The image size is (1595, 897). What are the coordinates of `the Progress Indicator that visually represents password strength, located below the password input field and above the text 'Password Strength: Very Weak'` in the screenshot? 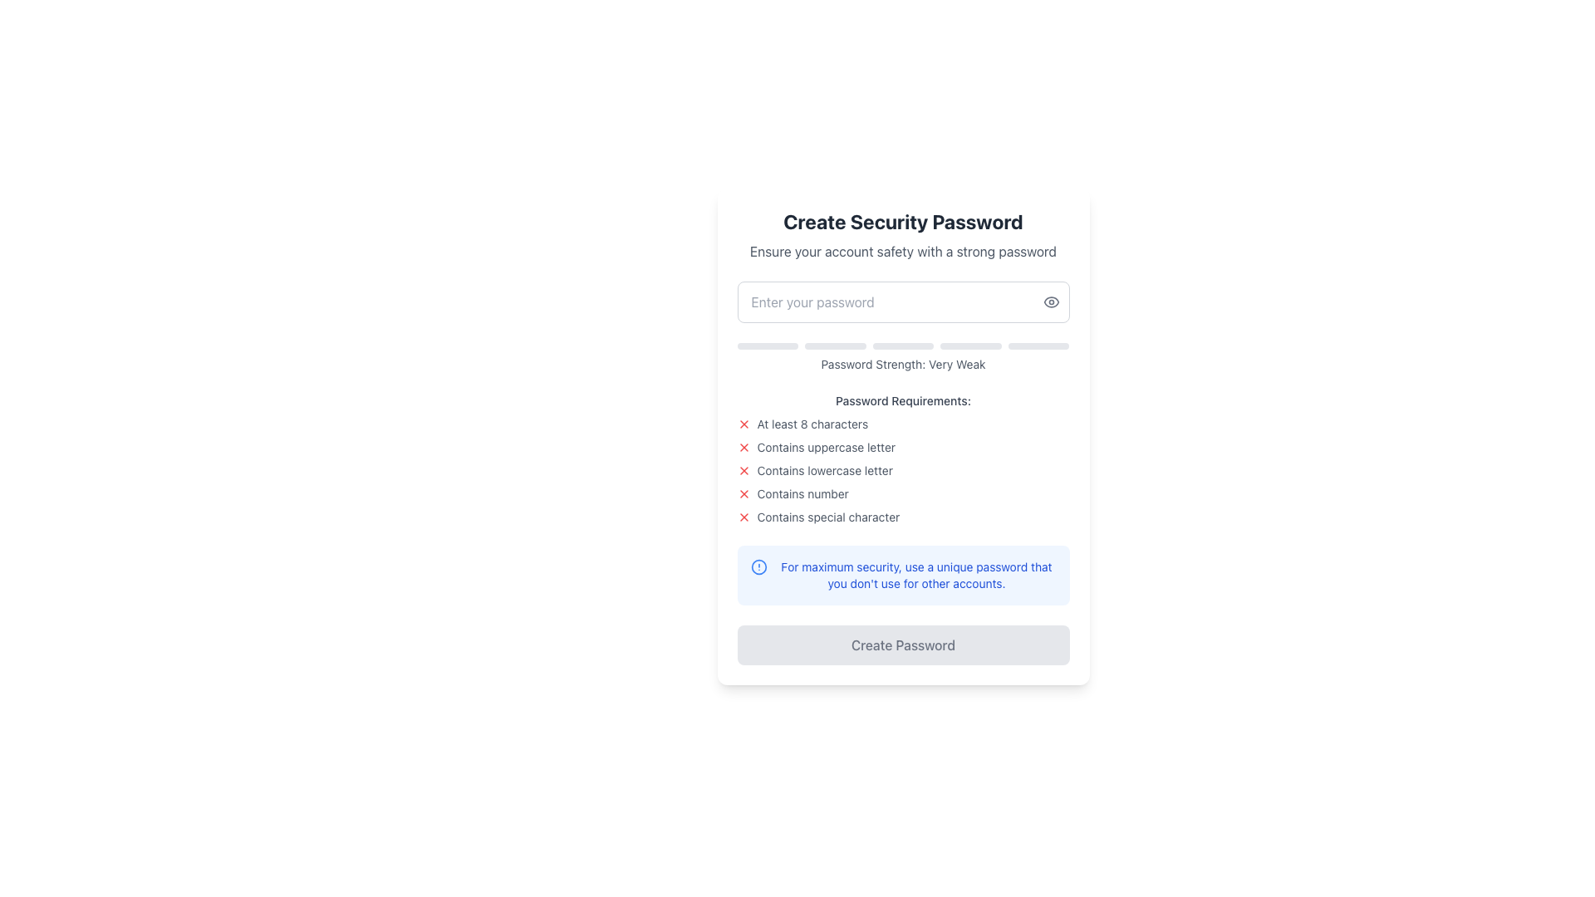 It's located at (902, 345).